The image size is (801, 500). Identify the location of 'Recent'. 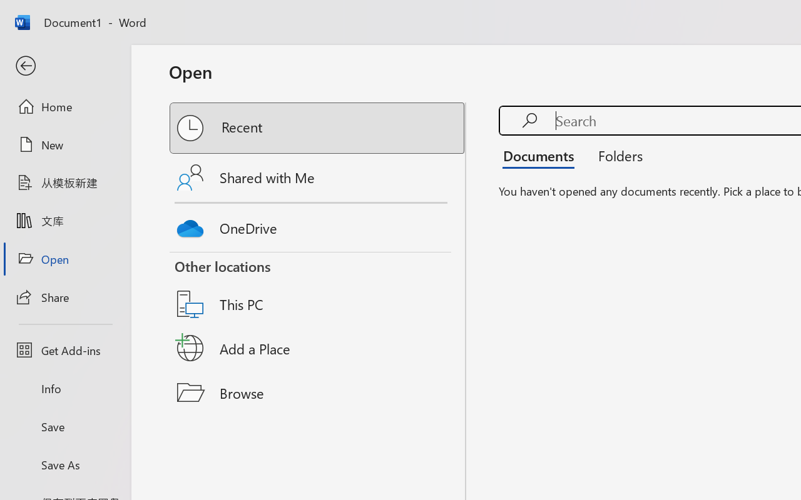
(318, 128).